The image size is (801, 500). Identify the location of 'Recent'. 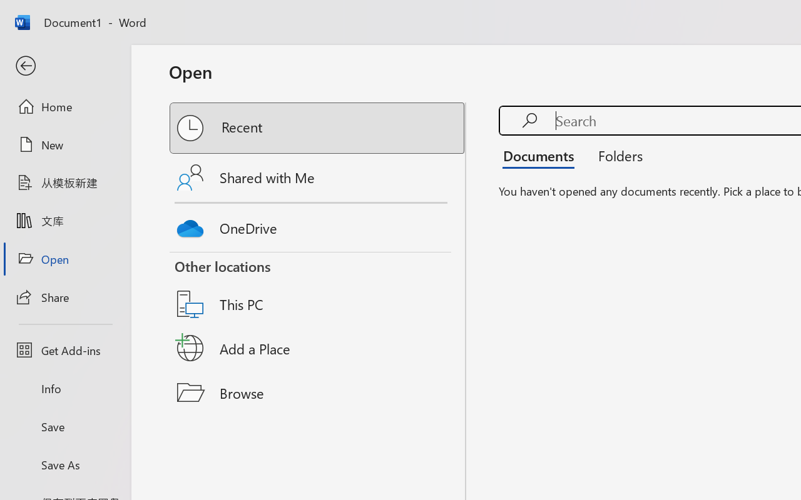
(318, 128).